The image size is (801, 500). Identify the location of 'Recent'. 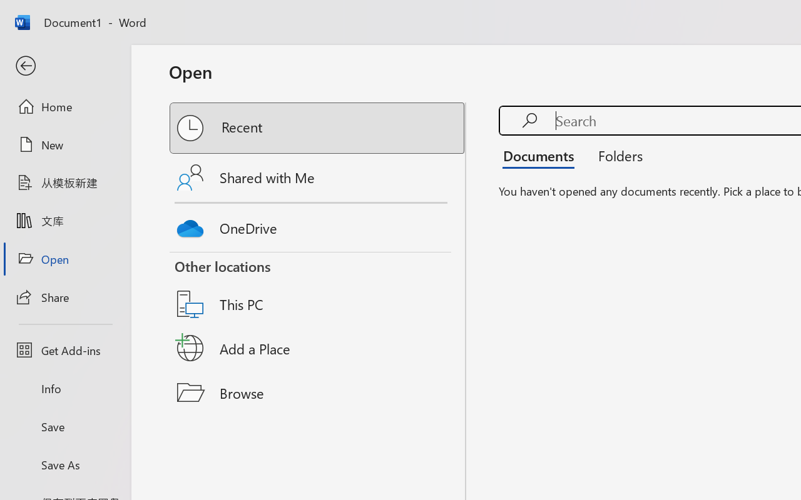
(318, 128).